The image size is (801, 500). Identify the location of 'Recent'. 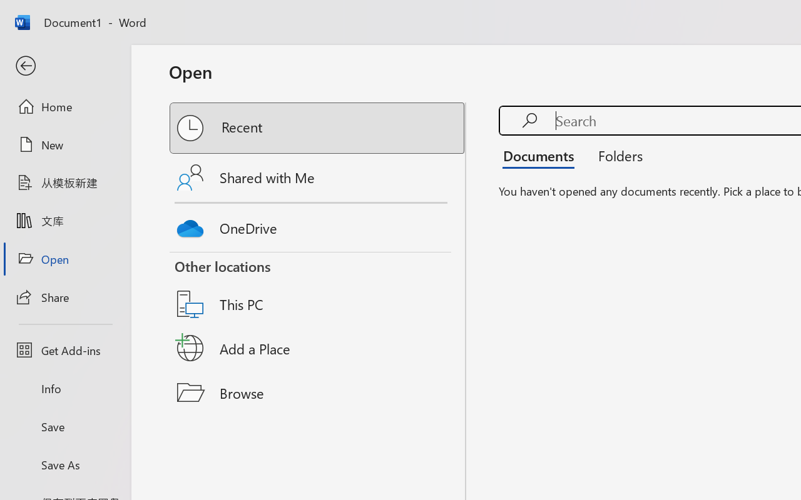
(318, 128).